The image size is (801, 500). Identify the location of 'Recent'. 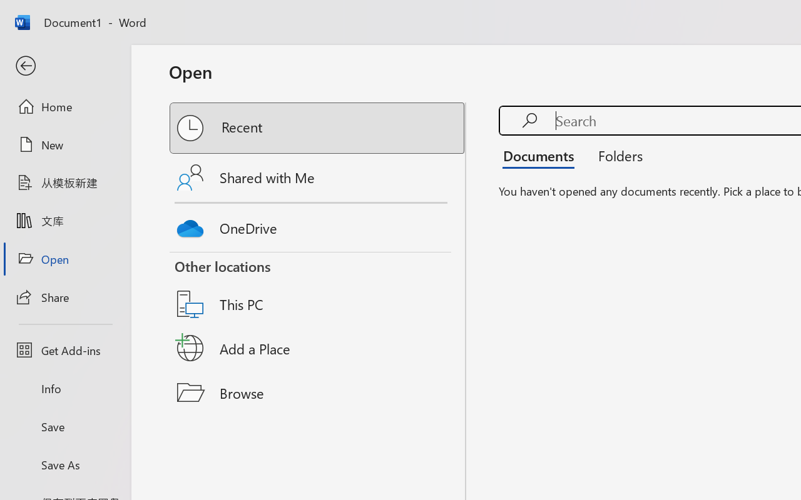
(318, 128).